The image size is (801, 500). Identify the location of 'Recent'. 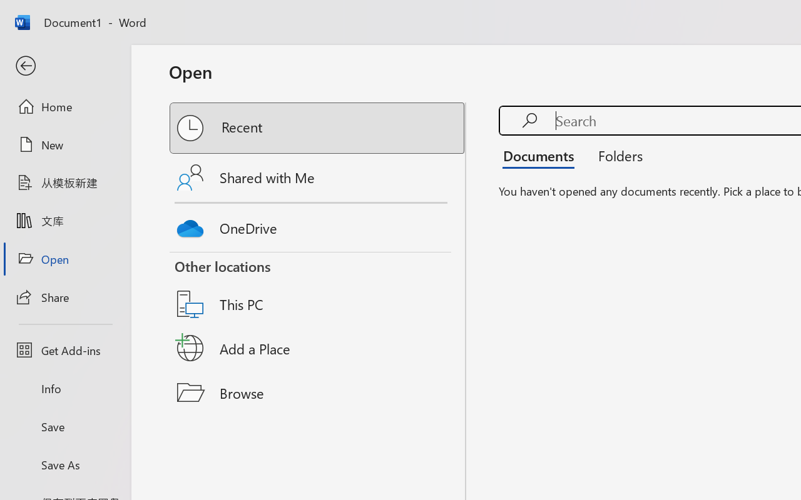
(318, 128).